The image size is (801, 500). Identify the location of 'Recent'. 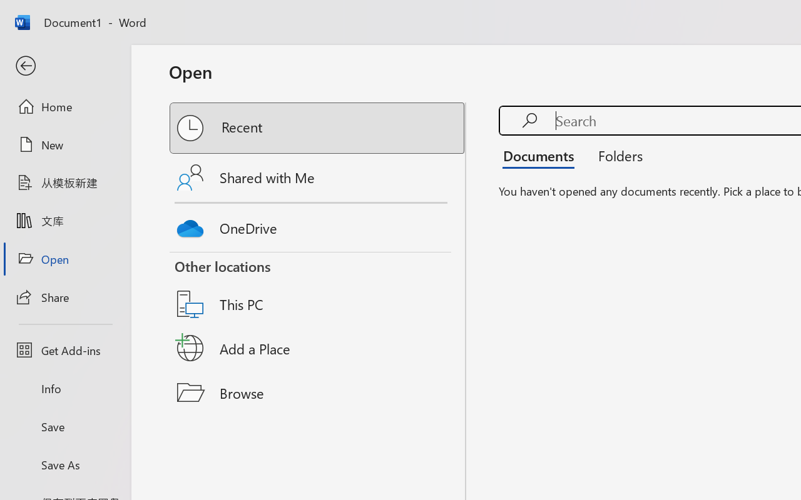
(318, 128).